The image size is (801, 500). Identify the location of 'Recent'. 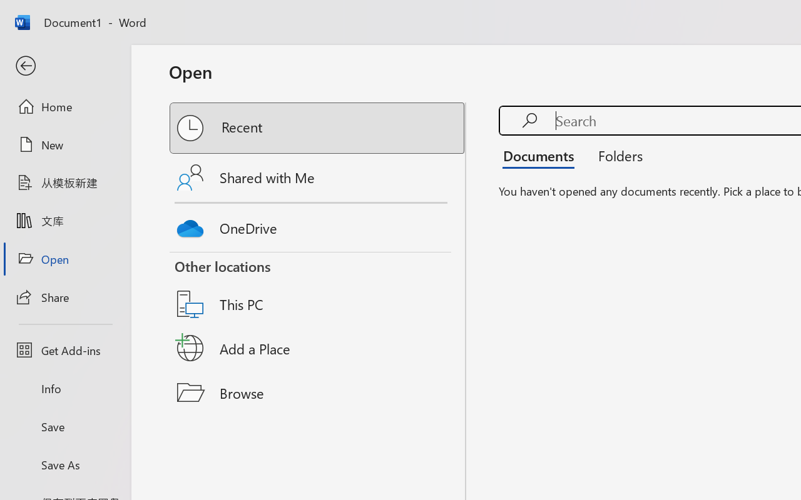
(318, 128).